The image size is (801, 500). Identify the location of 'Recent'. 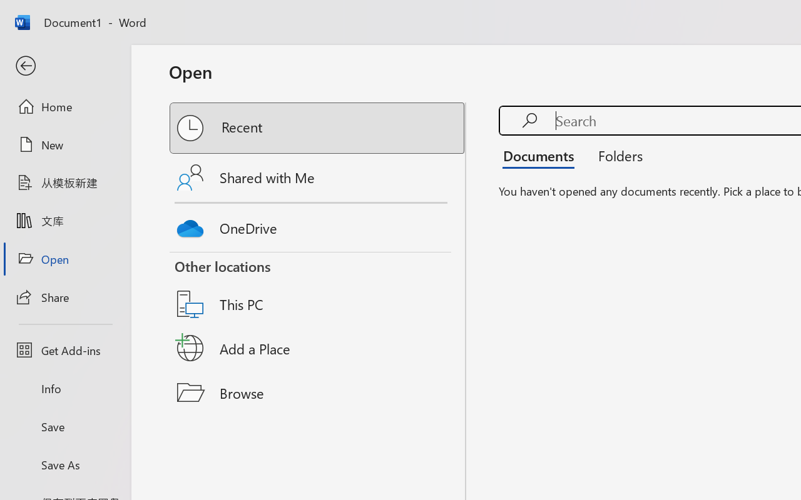
(318, 128).